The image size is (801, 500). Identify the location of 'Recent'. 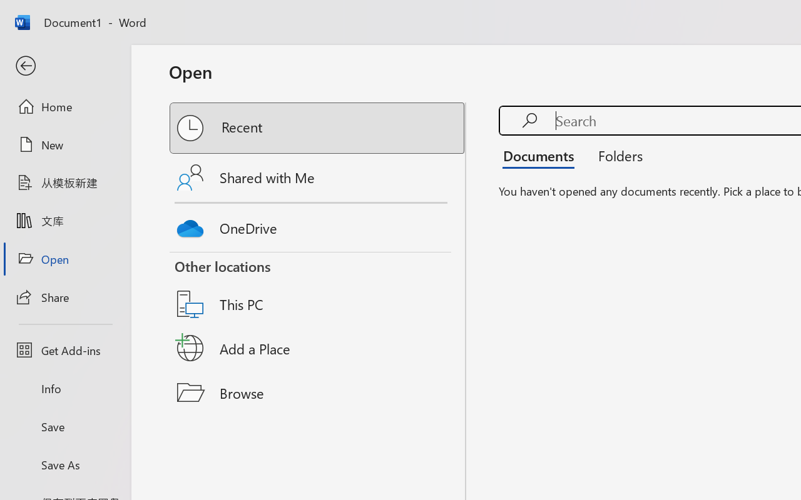
(318, 128).